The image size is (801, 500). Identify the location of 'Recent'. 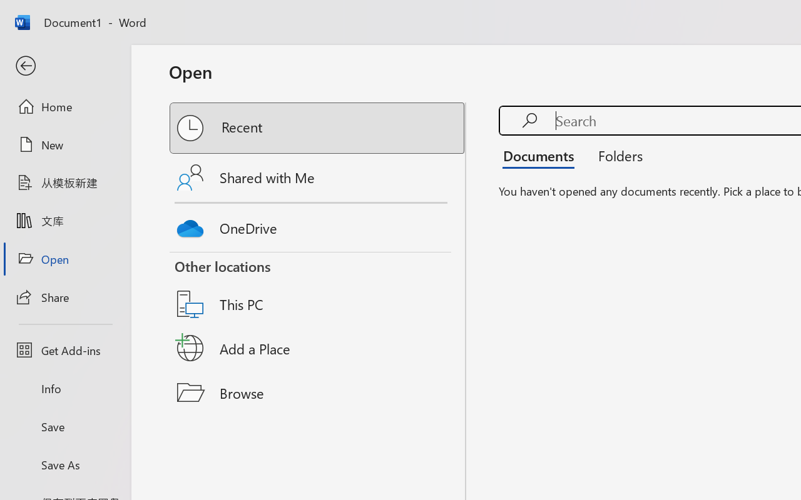
(318, 128).